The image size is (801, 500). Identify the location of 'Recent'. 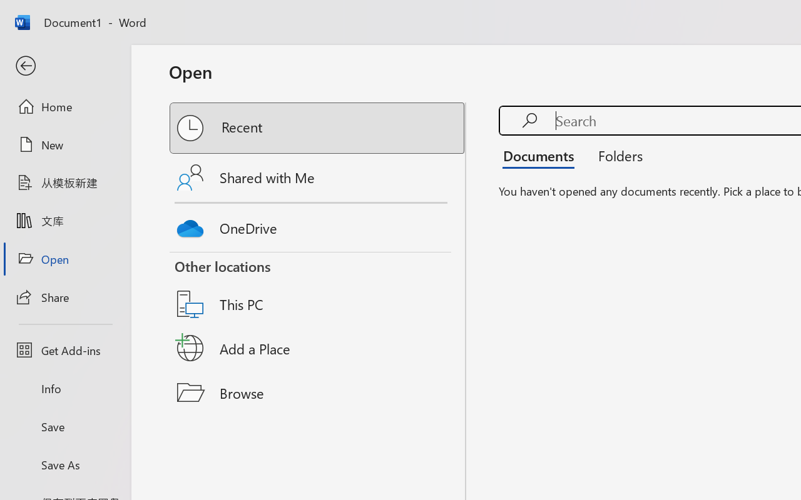
(318, 128).